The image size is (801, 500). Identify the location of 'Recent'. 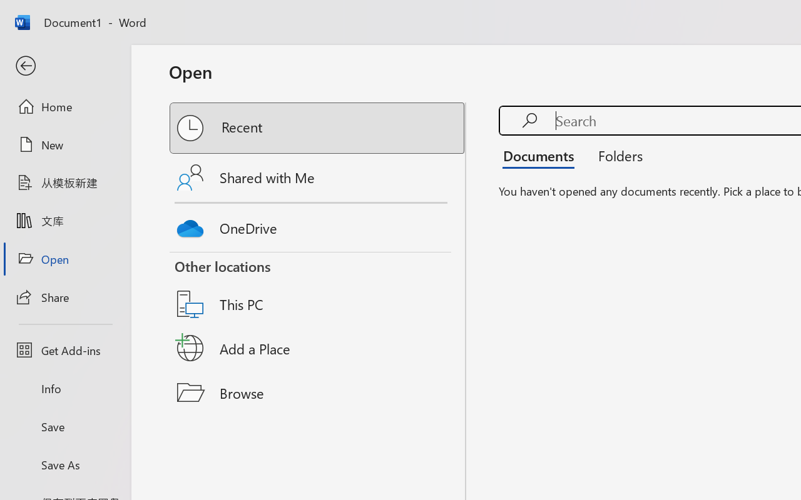
(318, 128).